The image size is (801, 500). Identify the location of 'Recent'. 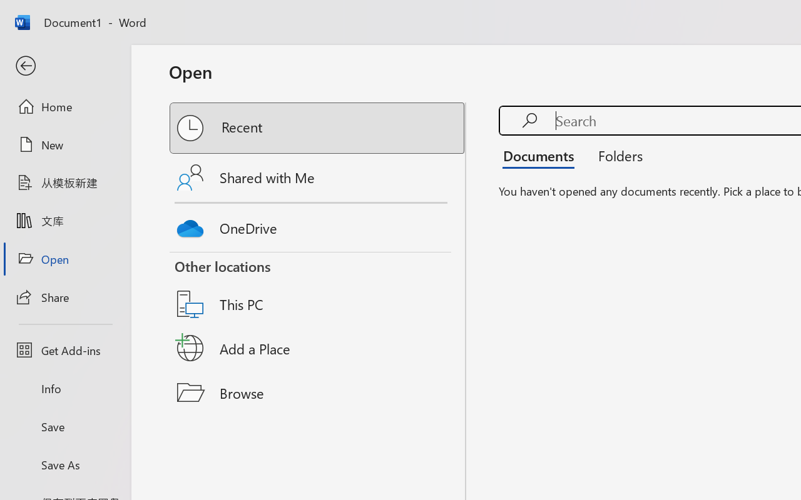
(318, 128).